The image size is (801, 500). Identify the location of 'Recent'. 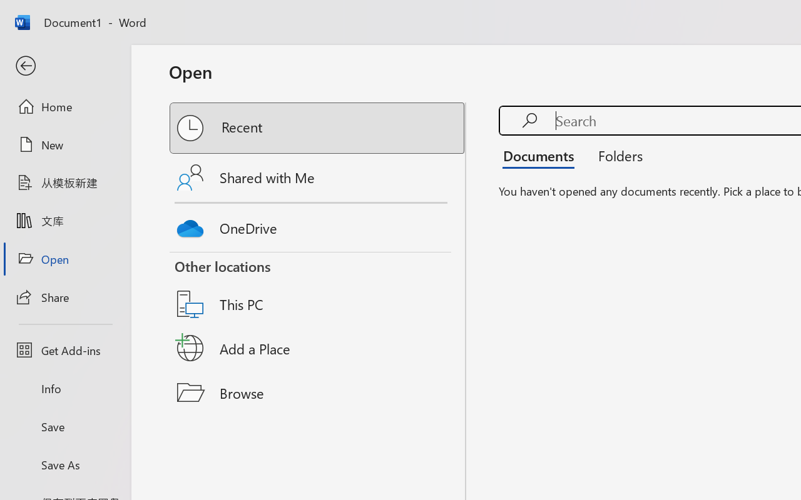
(318, 128).